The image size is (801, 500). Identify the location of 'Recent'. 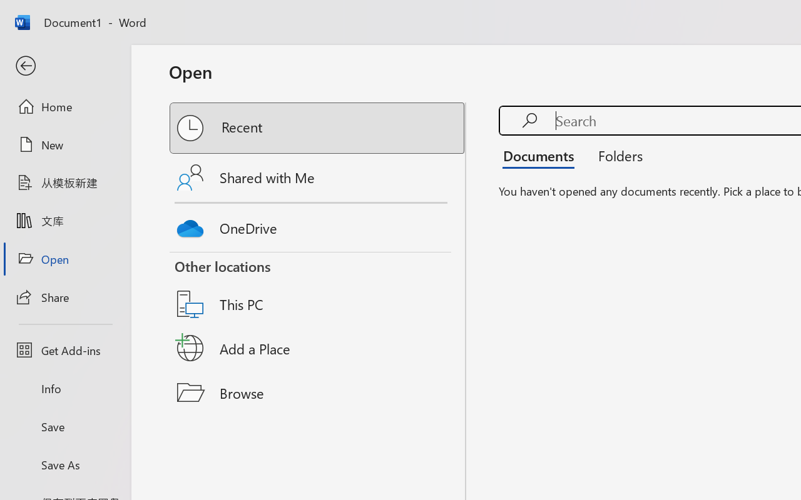
(318, 128).